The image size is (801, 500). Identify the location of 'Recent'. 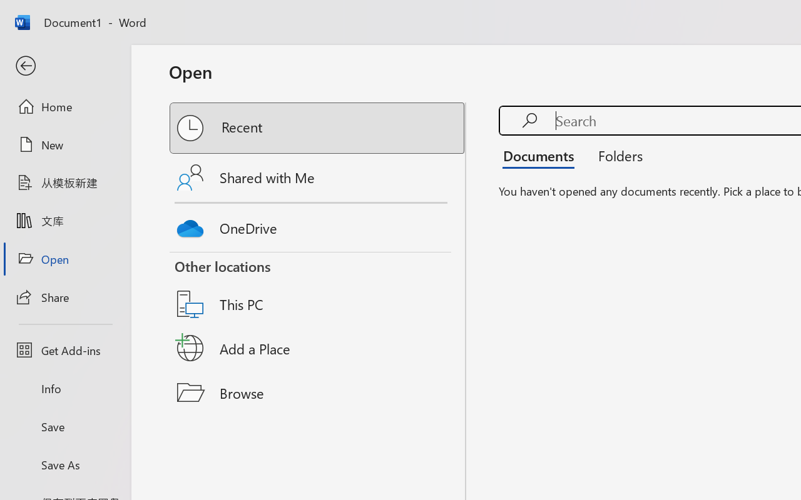
(318, 128).